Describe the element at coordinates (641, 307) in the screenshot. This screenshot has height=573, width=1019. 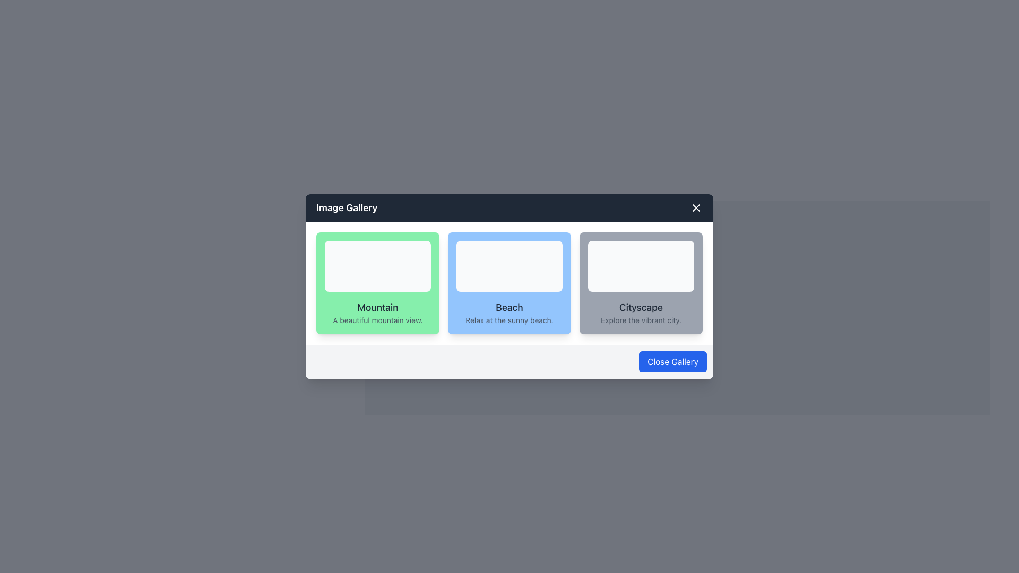
I see `text label that serves as the title of the rightmost card in the gallery, positioned above the subtext 'Explore the vibrant city.'` at that location.